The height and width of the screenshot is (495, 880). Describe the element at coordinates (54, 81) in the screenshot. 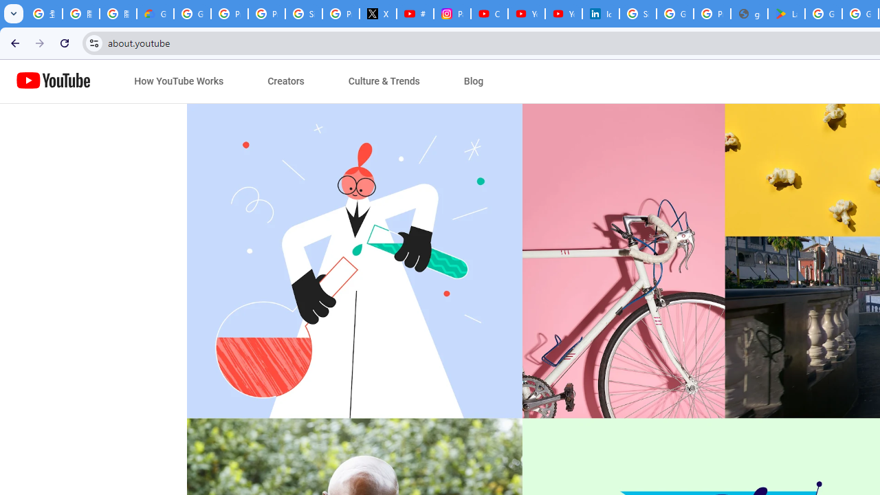

I see `'Home page link'` at that location.